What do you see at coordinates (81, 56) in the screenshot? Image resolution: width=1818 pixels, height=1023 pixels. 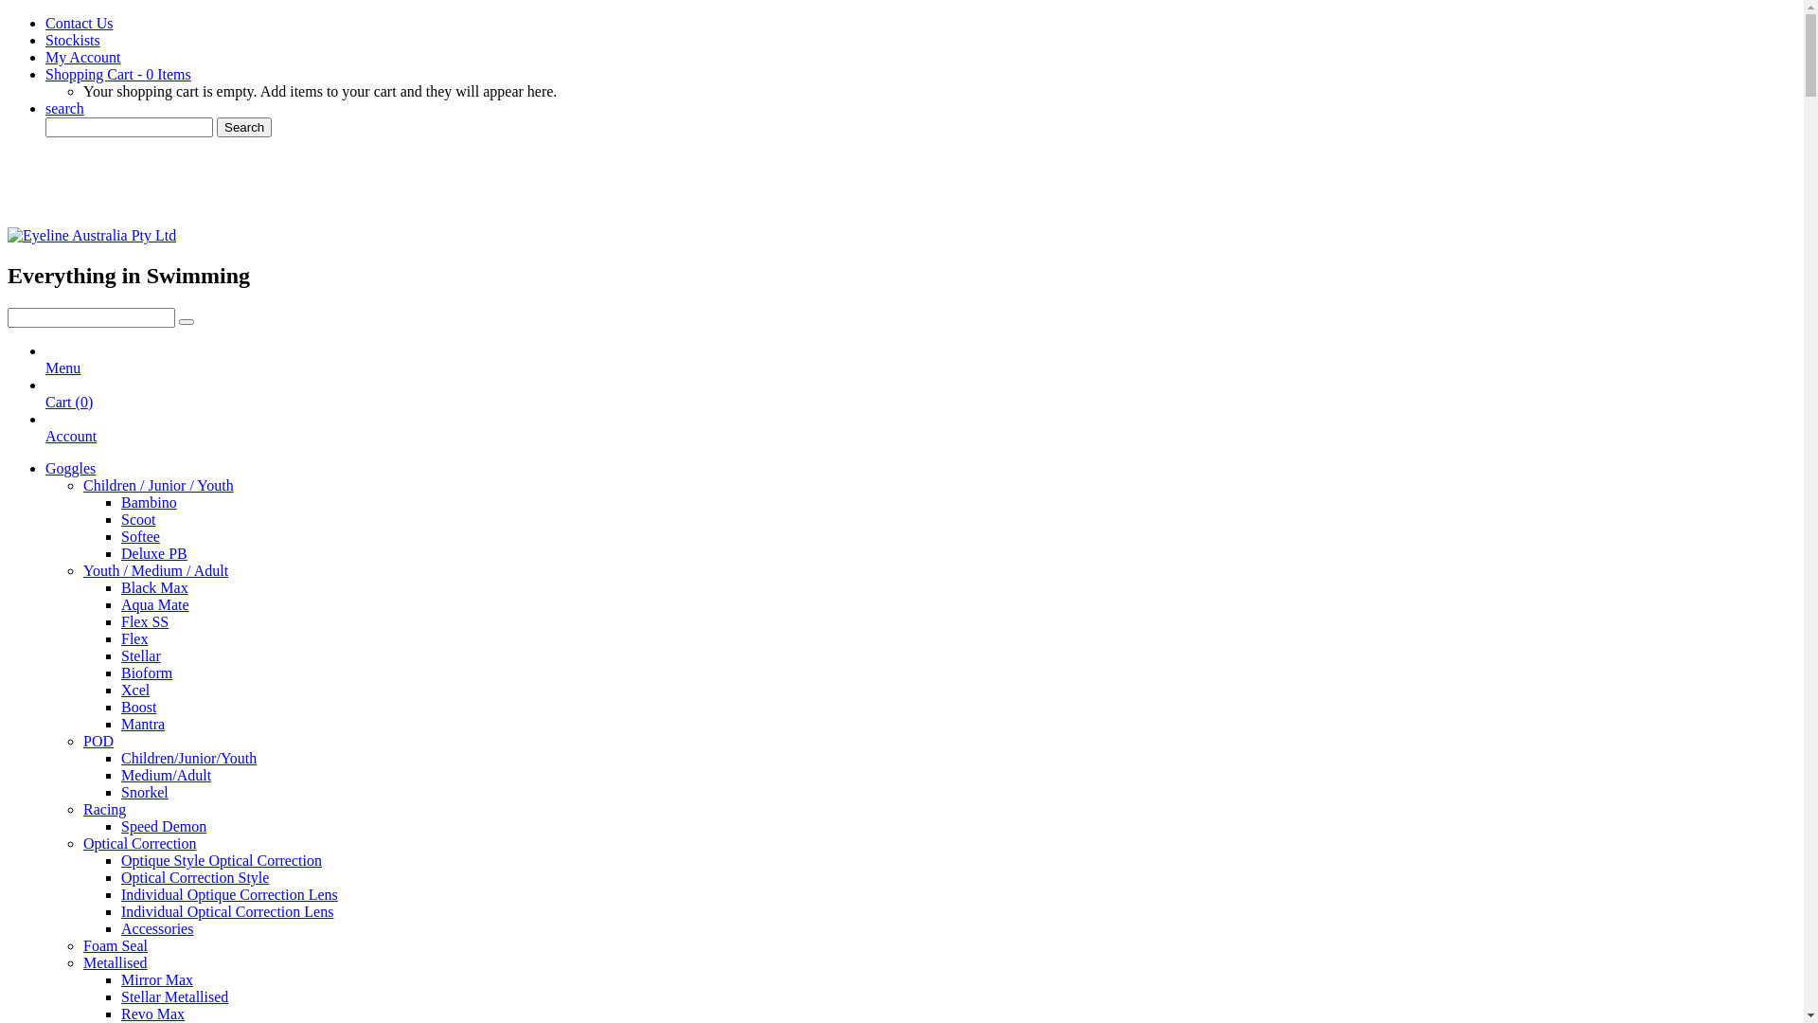 I see `'My Account'` at bounding box center [81, 56].